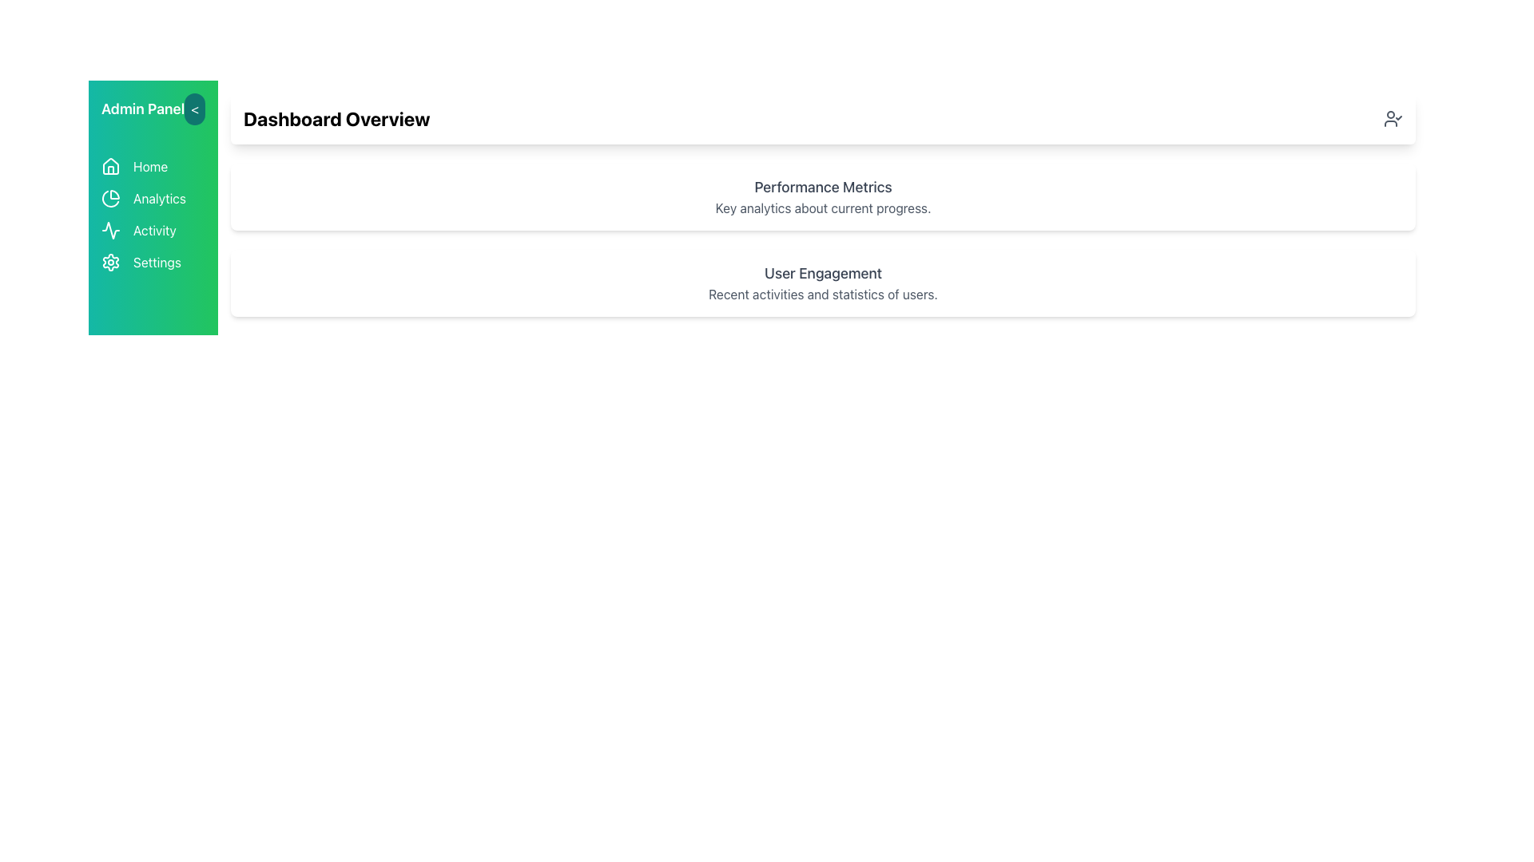  I want to click on the activity icon in the sidebar menu, which is a compact SVG graphic resembling a waveform with a white stroke on a green background, located directly before the text label 'Activity', so click(110, 231).